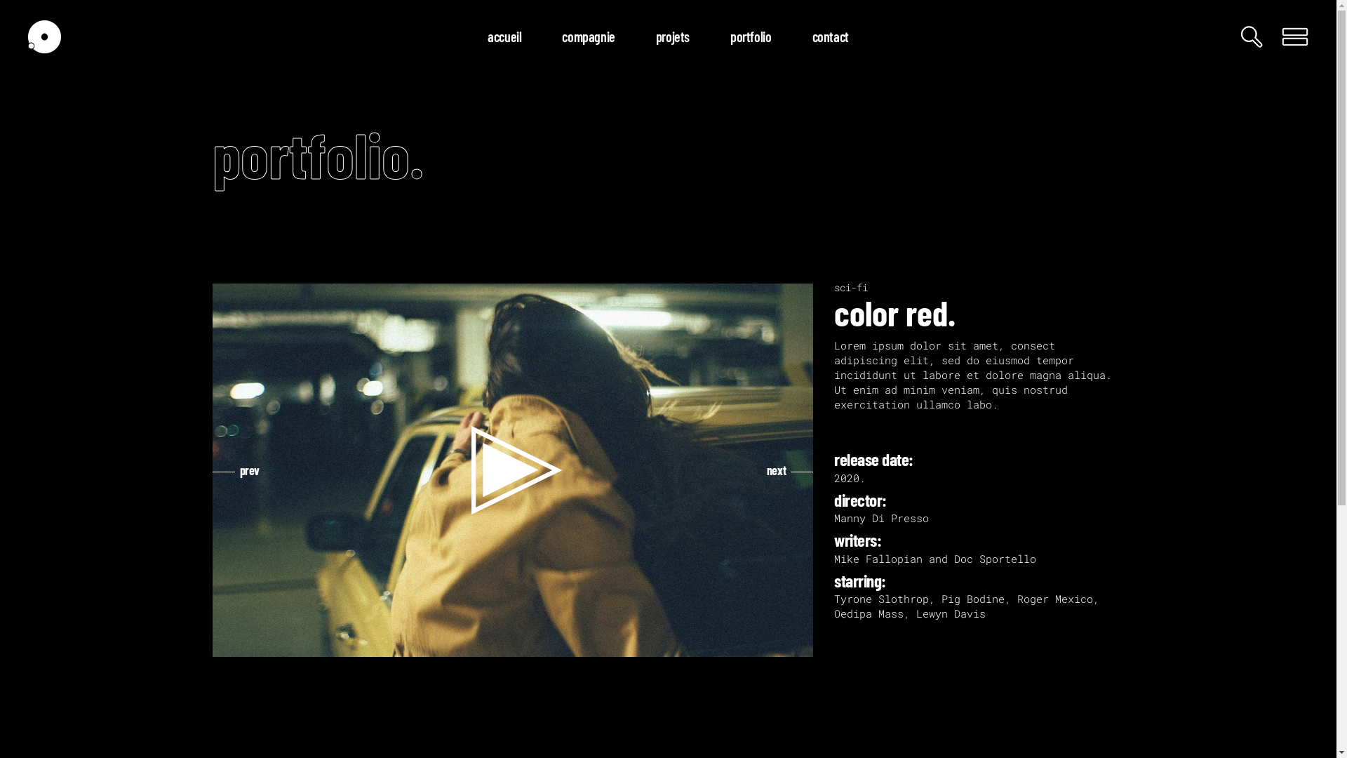 The image size is (1347, 758). Describe the element at coordinates (236, 470) in the screenshot. I see `'prev'` at that location.